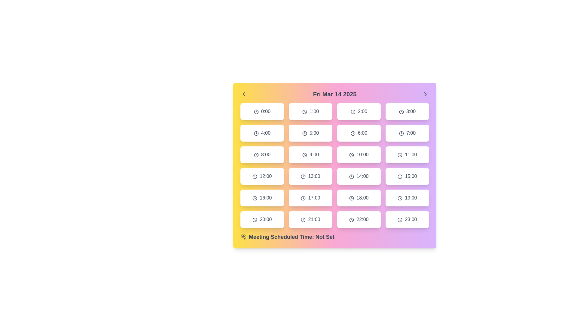 The width and height of the screenshot is (577, 324). What do you see at coordinates (303, 176) in the screenshot?
I see `the circular outline of the clock icon located before the '13:00' button` at bounding box center [303, 176].